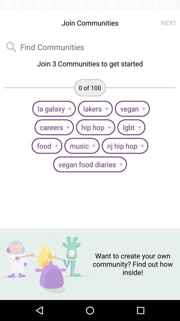 Image resolution: width=180 pixels, height=321 pixels. Describe the element at coordinates (52, 46) in the screenshot. I see `search` at that location.